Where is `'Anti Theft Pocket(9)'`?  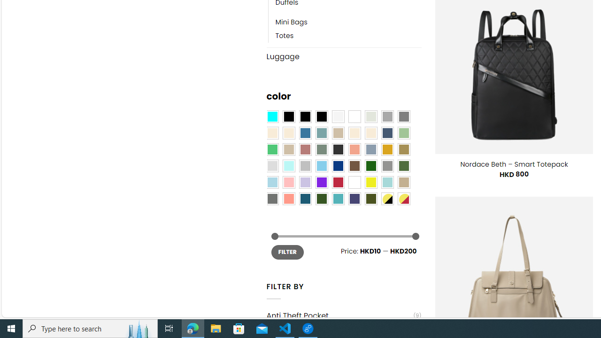
'Anti Theft Pocket(9)' is located at coordinates (343, 315).